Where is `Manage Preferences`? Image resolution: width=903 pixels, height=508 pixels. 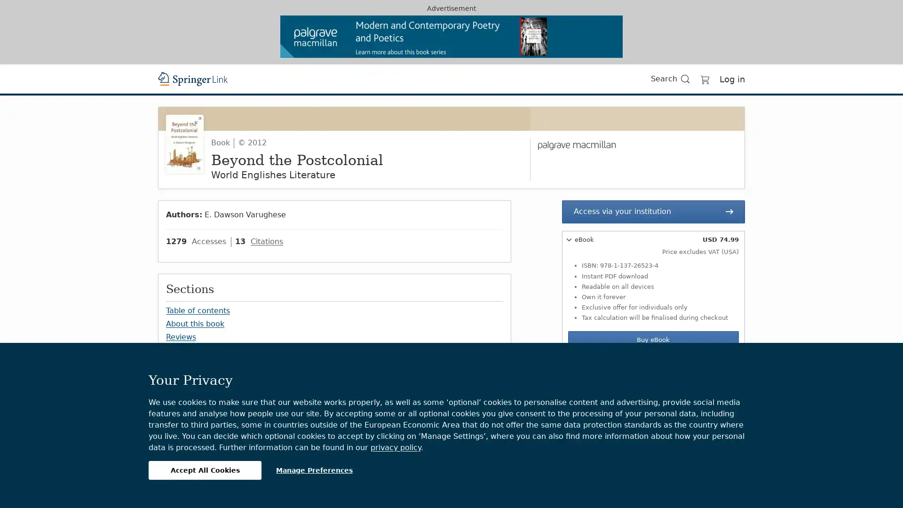
Manage Preferences is located at coordinates (314, 470).